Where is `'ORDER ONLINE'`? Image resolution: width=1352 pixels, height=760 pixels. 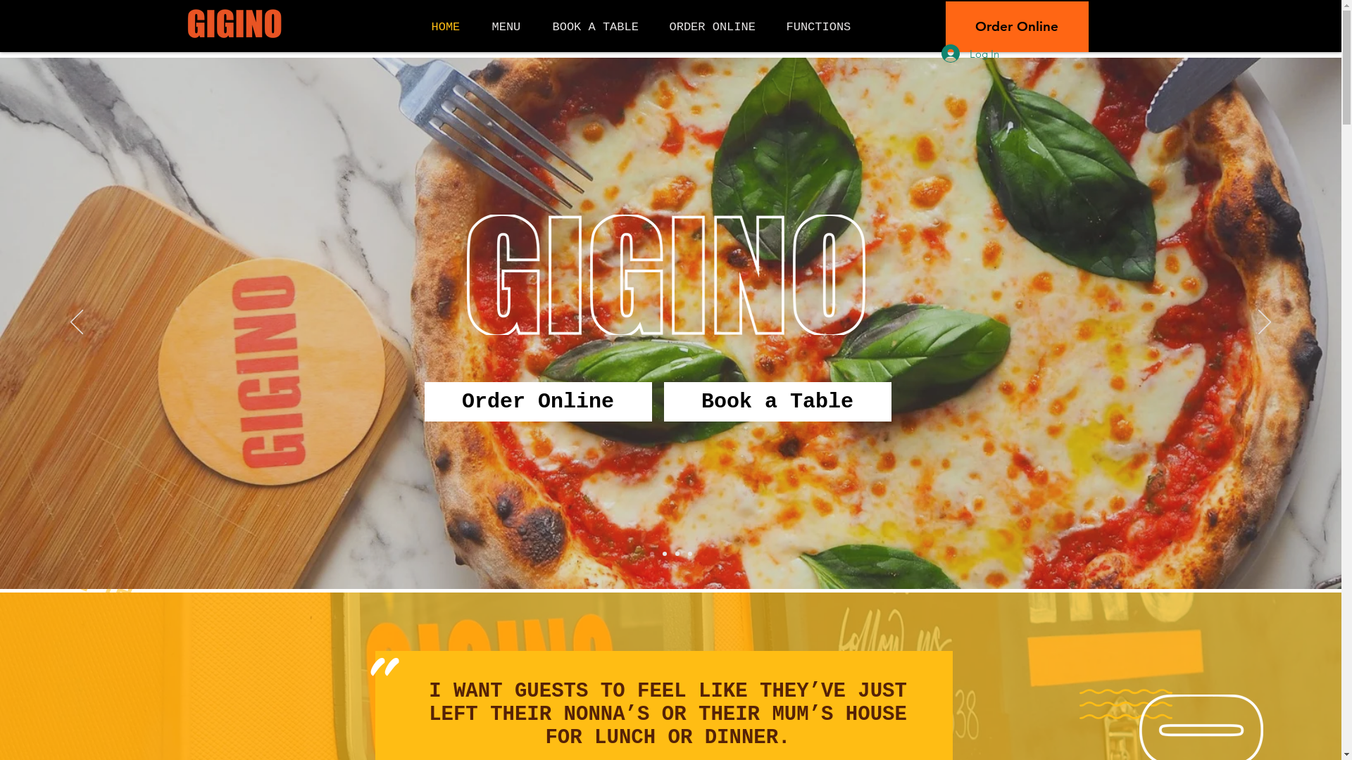 'ORDER ONLINE' is located at coordinates (717, 27).